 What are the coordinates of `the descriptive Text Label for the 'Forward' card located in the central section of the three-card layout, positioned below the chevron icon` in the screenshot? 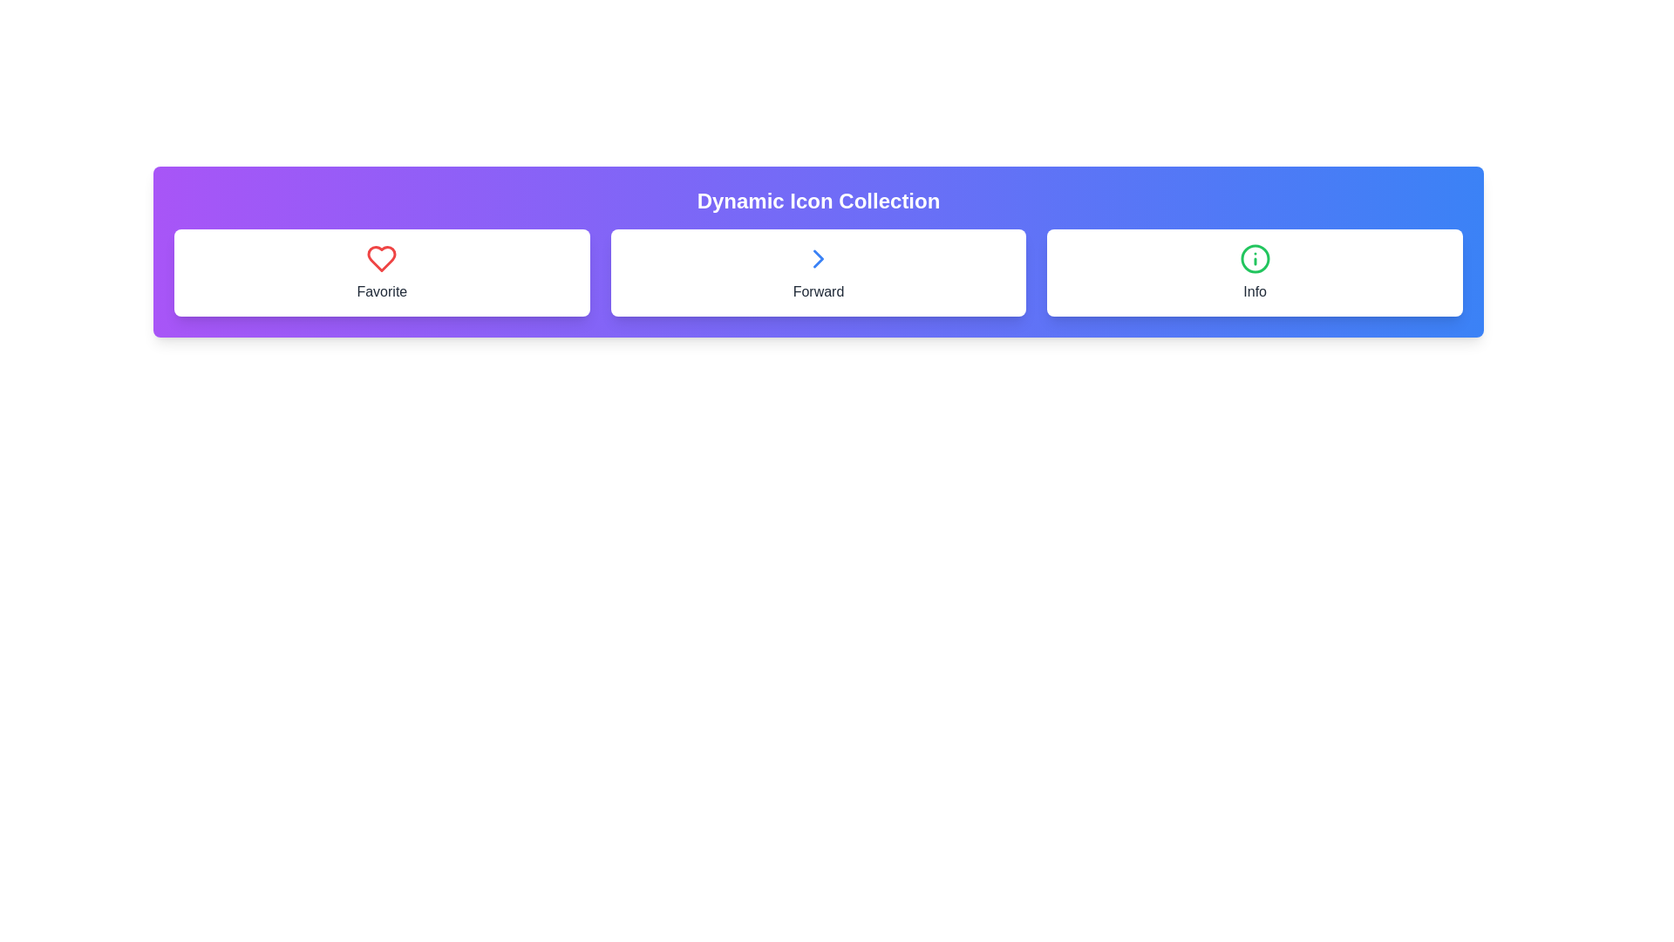 It's located at (818, 291).